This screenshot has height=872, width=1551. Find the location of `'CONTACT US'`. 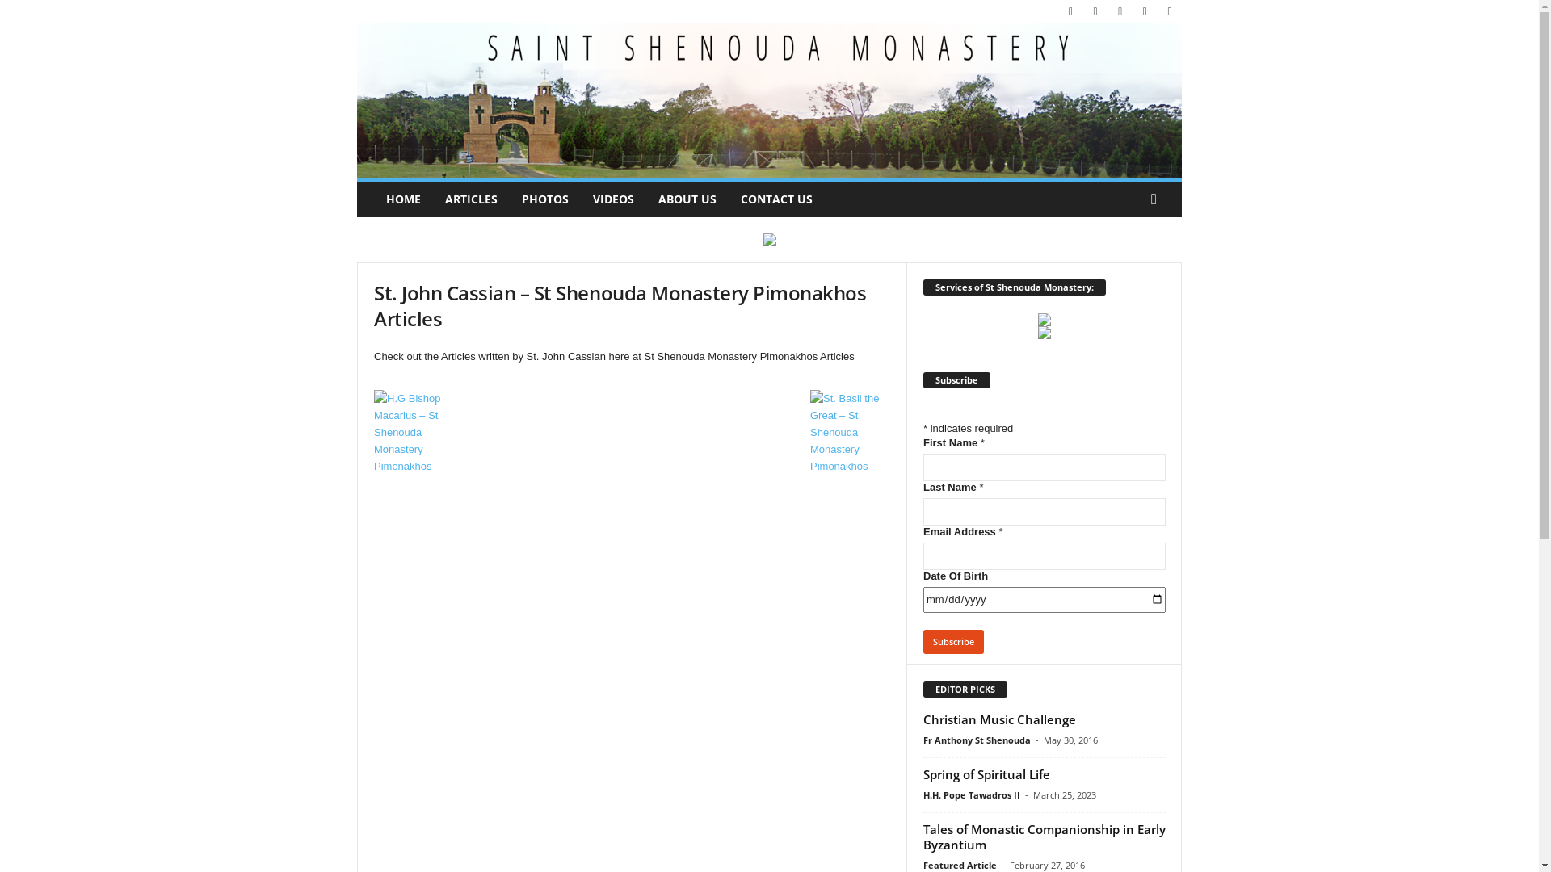

'CONTACT US' is located at coordinates (776, 198).